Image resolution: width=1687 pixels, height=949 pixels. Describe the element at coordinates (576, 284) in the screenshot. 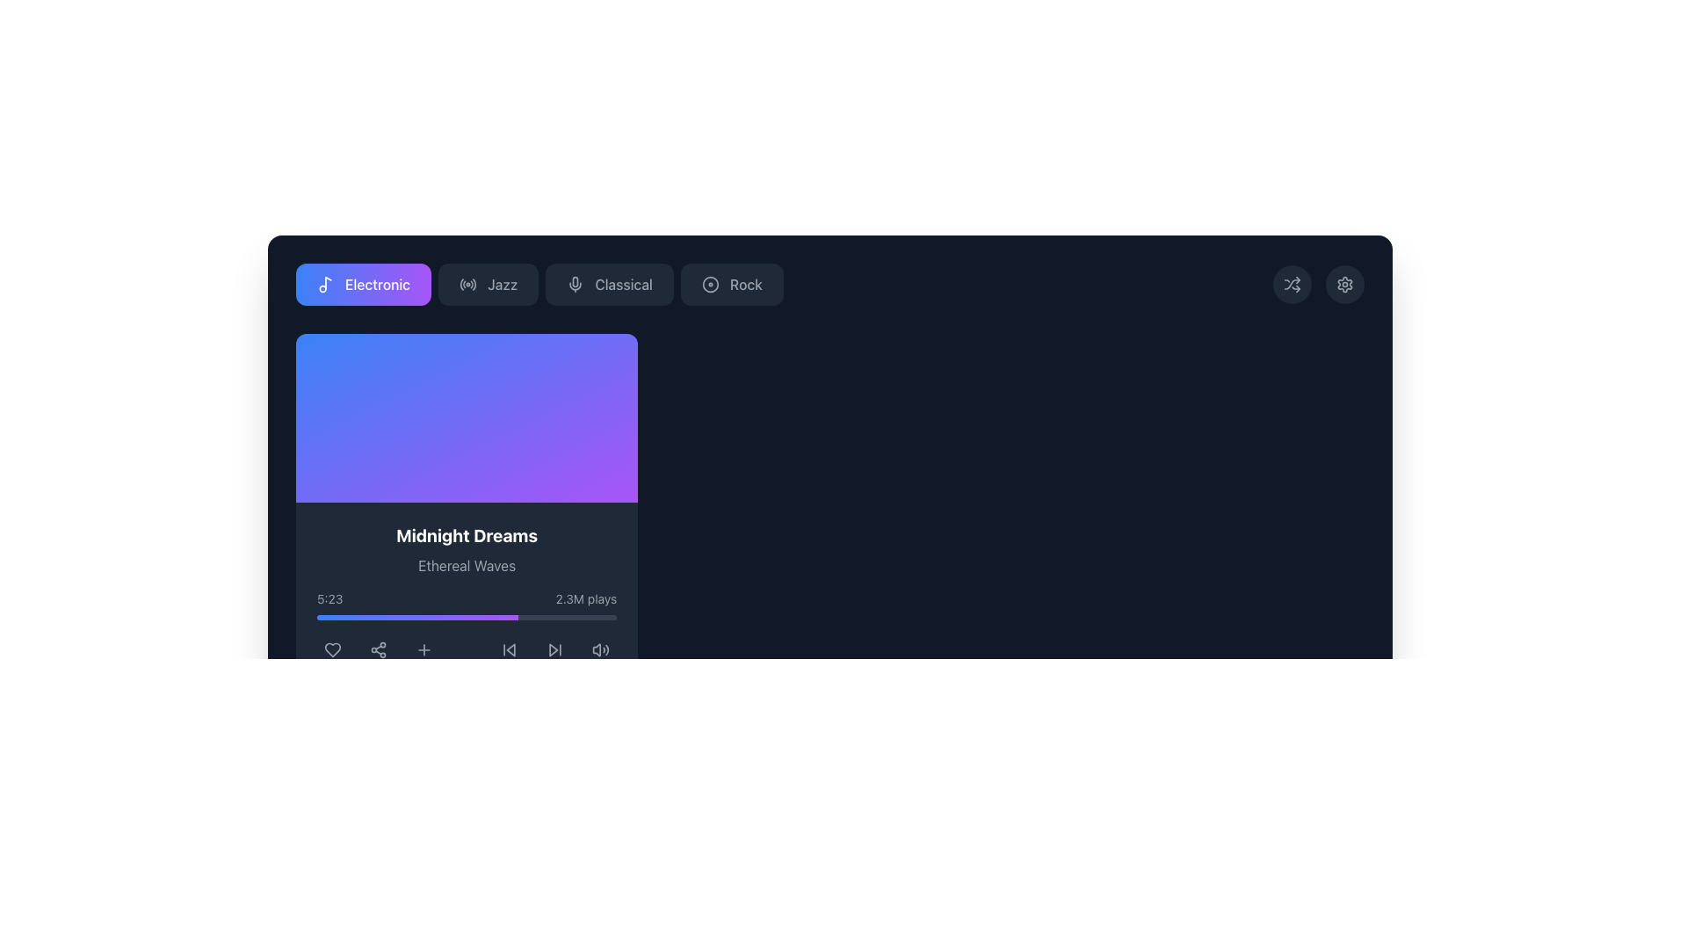

I see `the microphone icon located in the third button of the menu bar` at that location.